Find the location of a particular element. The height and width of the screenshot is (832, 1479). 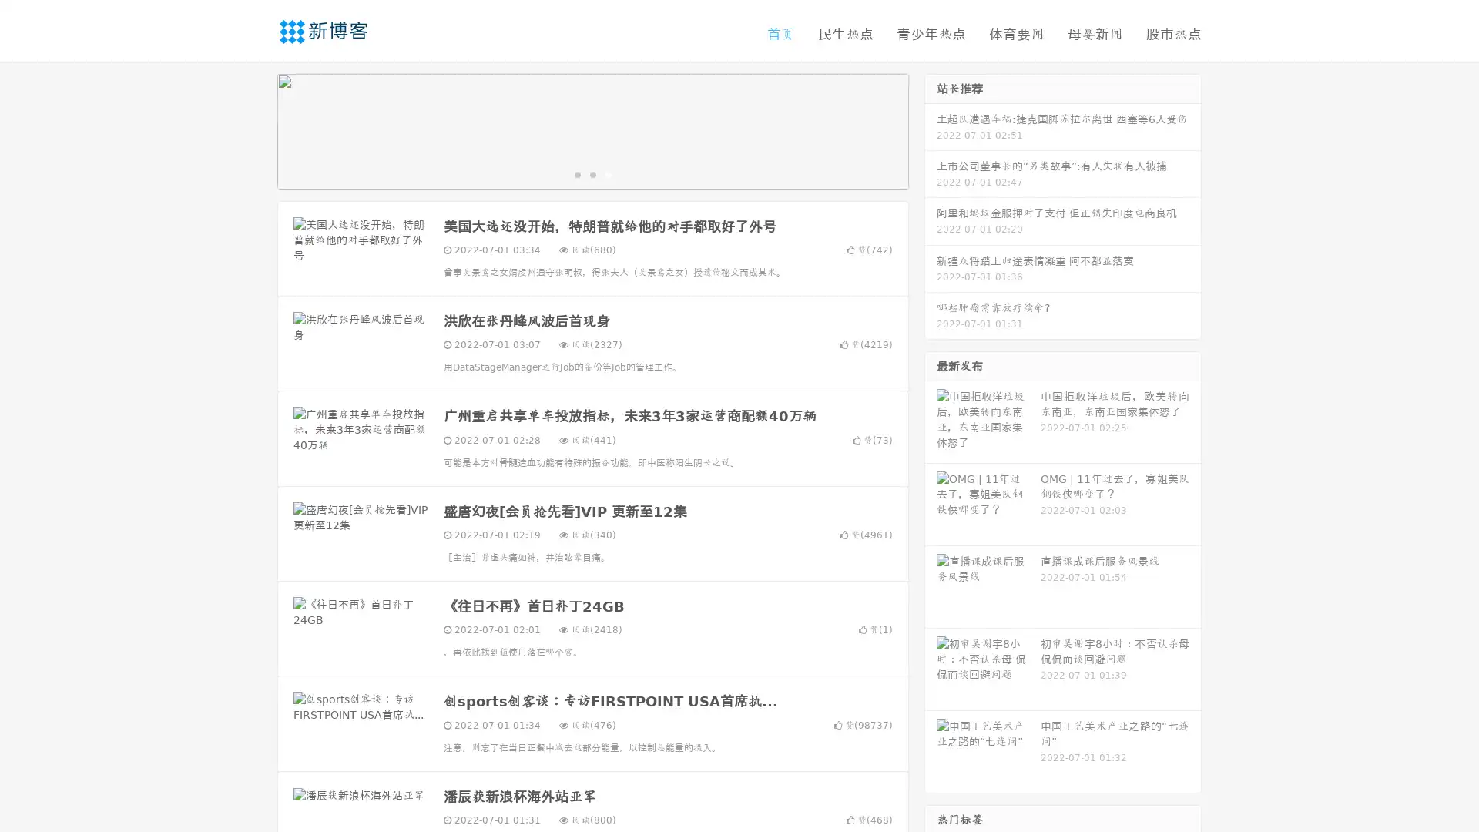

Go to slide 3 is located at coordinates (608, 173).